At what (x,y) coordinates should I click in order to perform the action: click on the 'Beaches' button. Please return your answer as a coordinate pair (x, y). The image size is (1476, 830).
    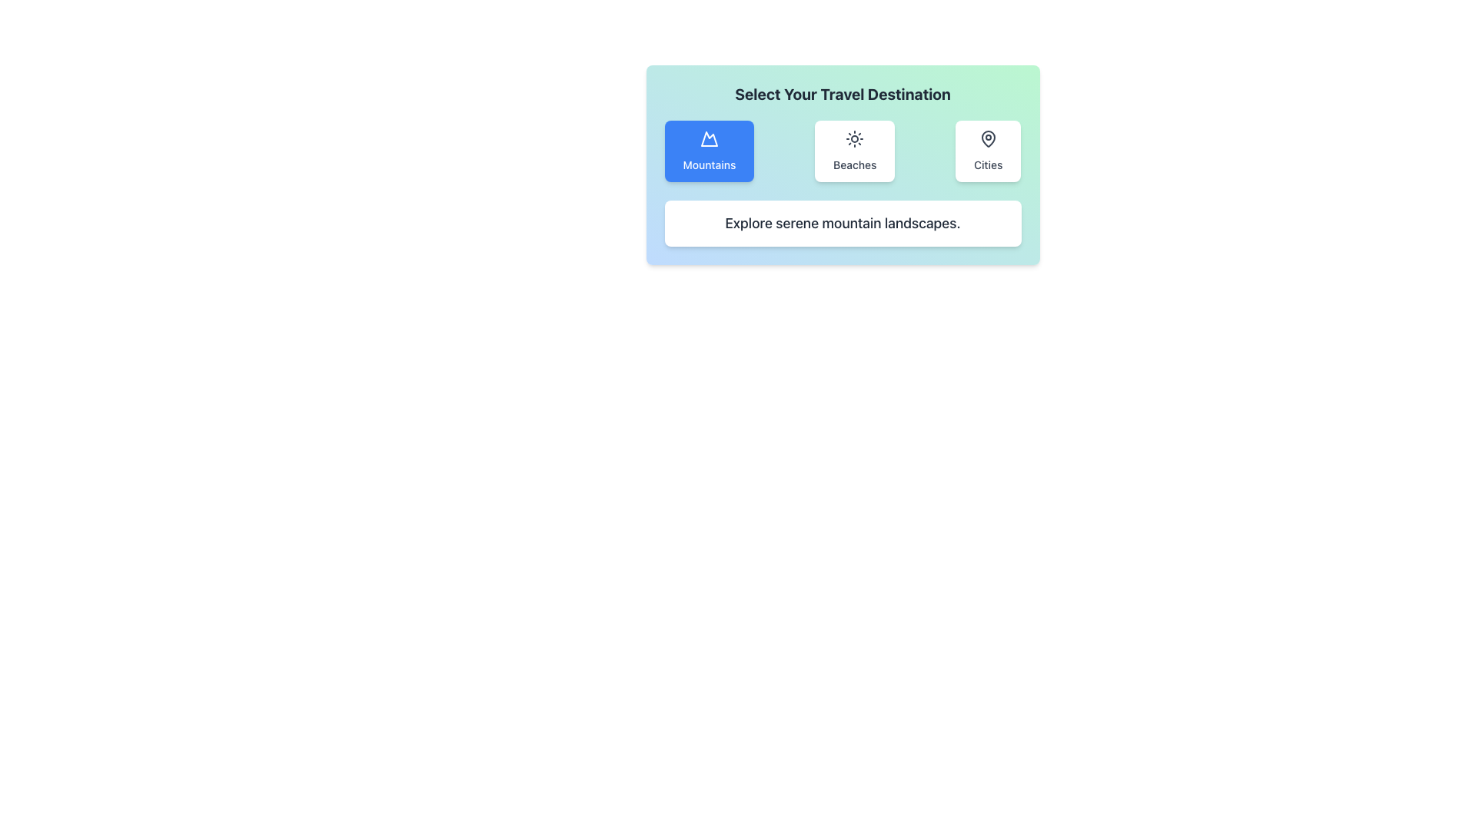
    Looking at the image, I should click on (854, 151).